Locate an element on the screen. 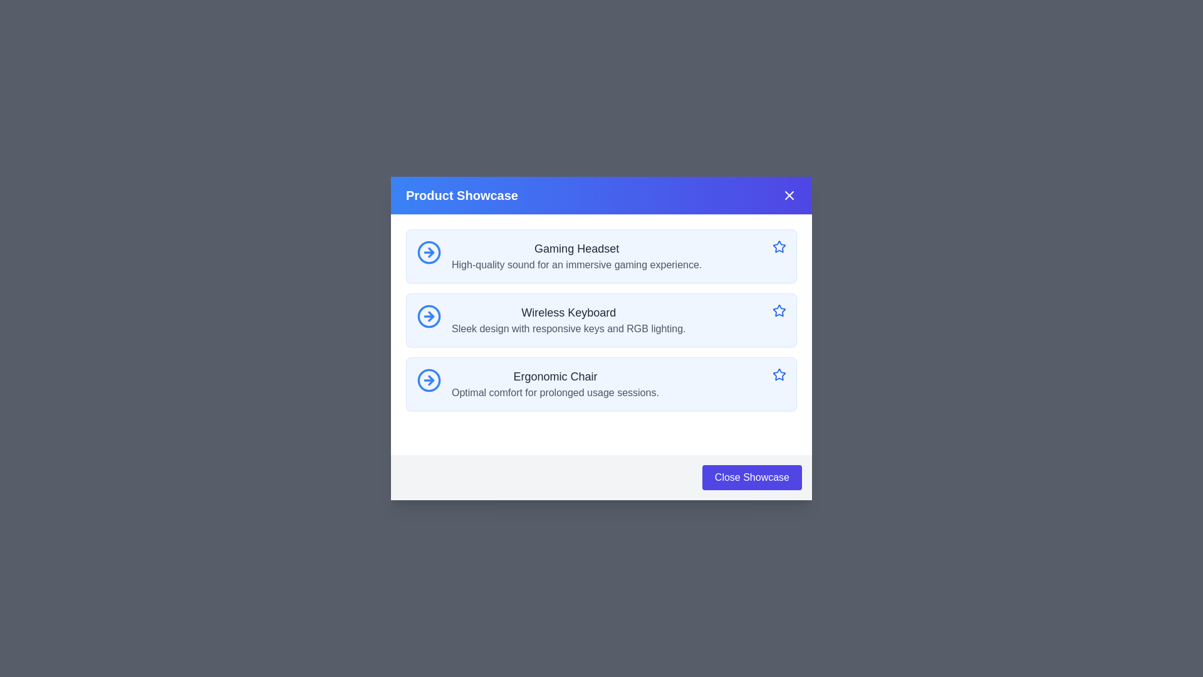 The image size is (1203, 677). the topmost card component in the Product Showcase labeled 'Gaming Headset' is located at coordinates (601, 255).